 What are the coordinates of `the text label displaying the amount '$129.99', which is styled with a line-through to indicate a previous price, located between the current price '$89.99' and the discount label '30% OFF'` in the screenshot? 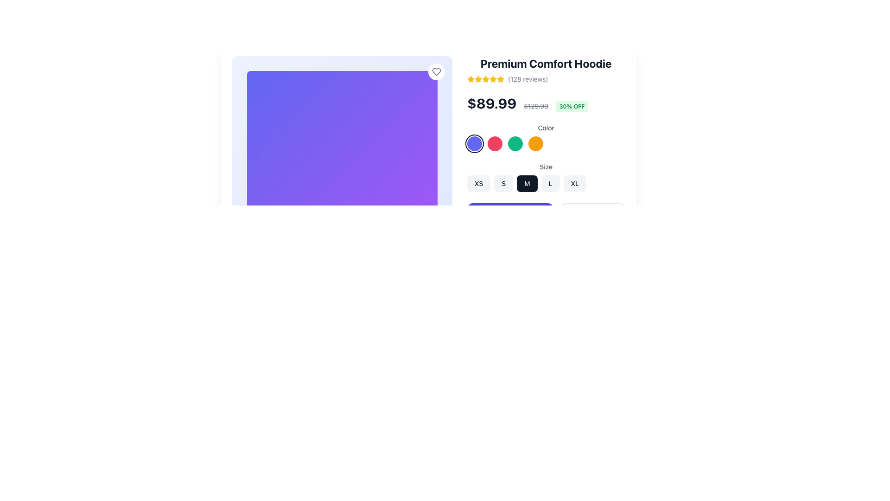 It's located at (536, 105).